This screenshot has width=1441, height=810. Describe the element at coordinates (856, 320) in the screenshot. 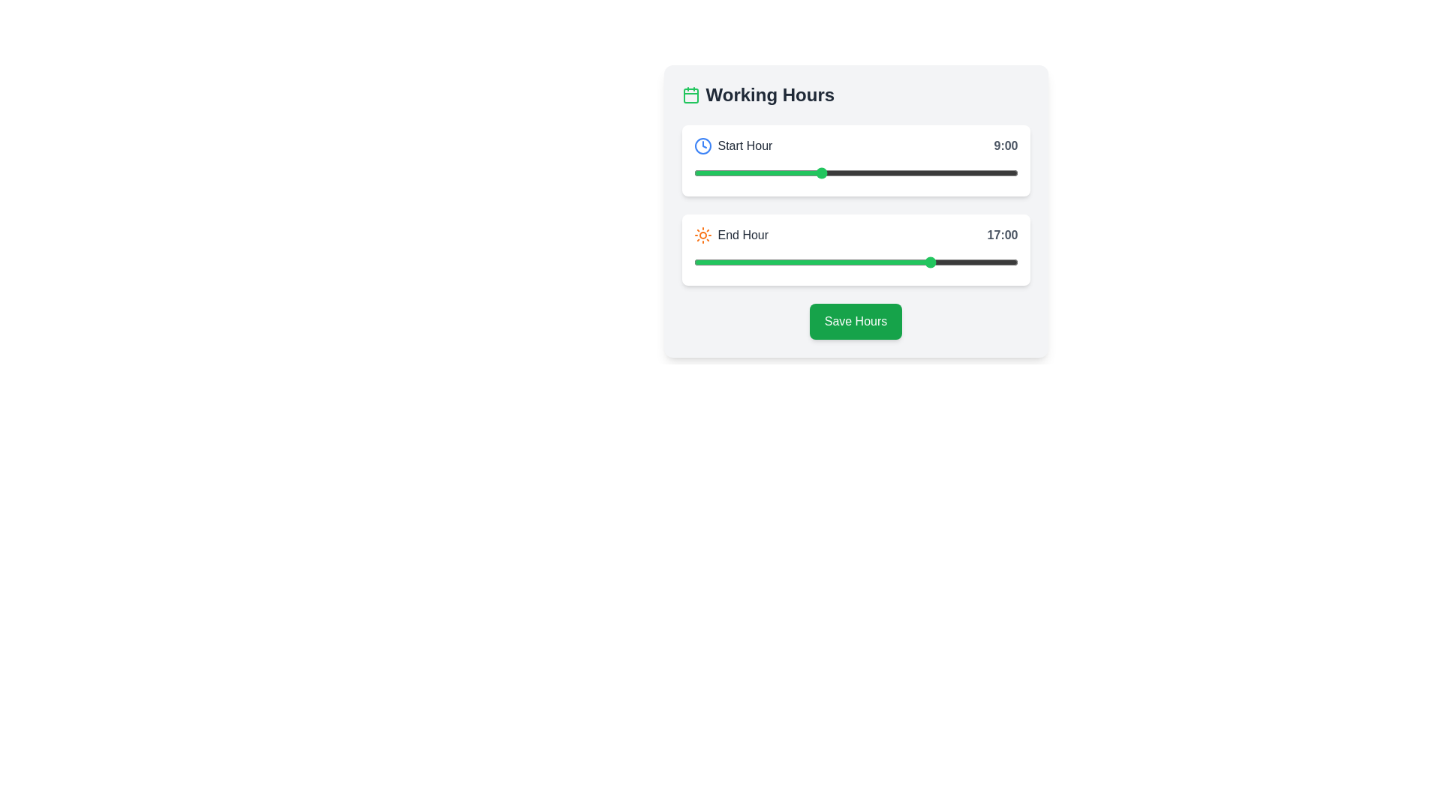

I see `the 'Save Hours' button with a green background and white text located below the 'Start Hour' and 'End Hour' inputs in the 'Working Hours' panel` at that location.